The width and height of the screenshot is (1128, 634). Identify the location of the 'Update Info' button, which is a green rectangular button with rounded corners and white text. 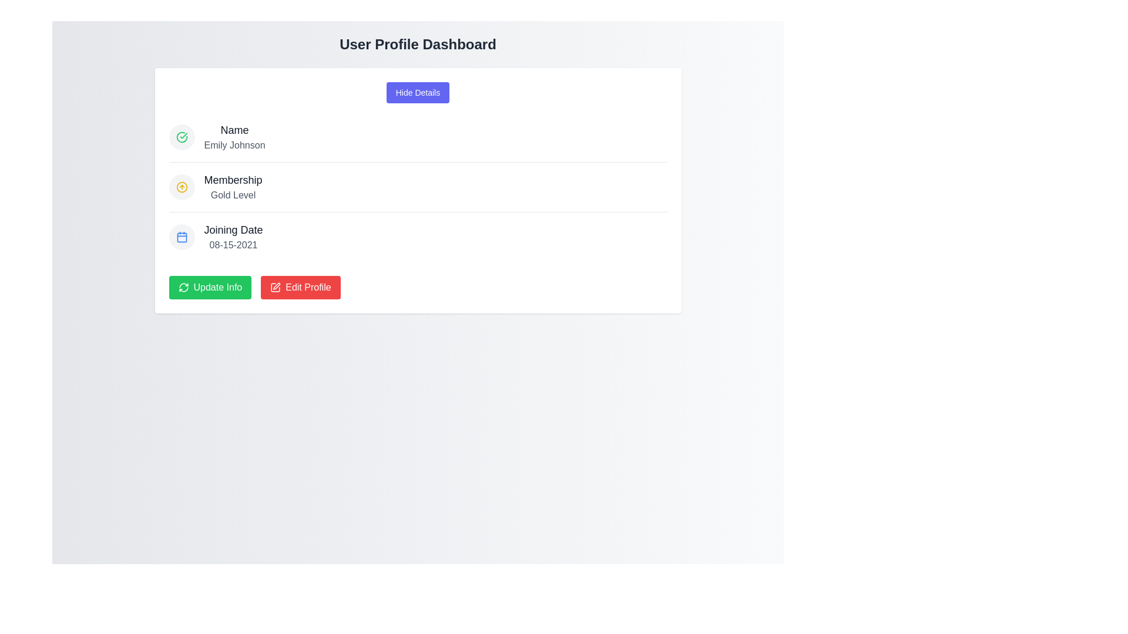
(210, 287).